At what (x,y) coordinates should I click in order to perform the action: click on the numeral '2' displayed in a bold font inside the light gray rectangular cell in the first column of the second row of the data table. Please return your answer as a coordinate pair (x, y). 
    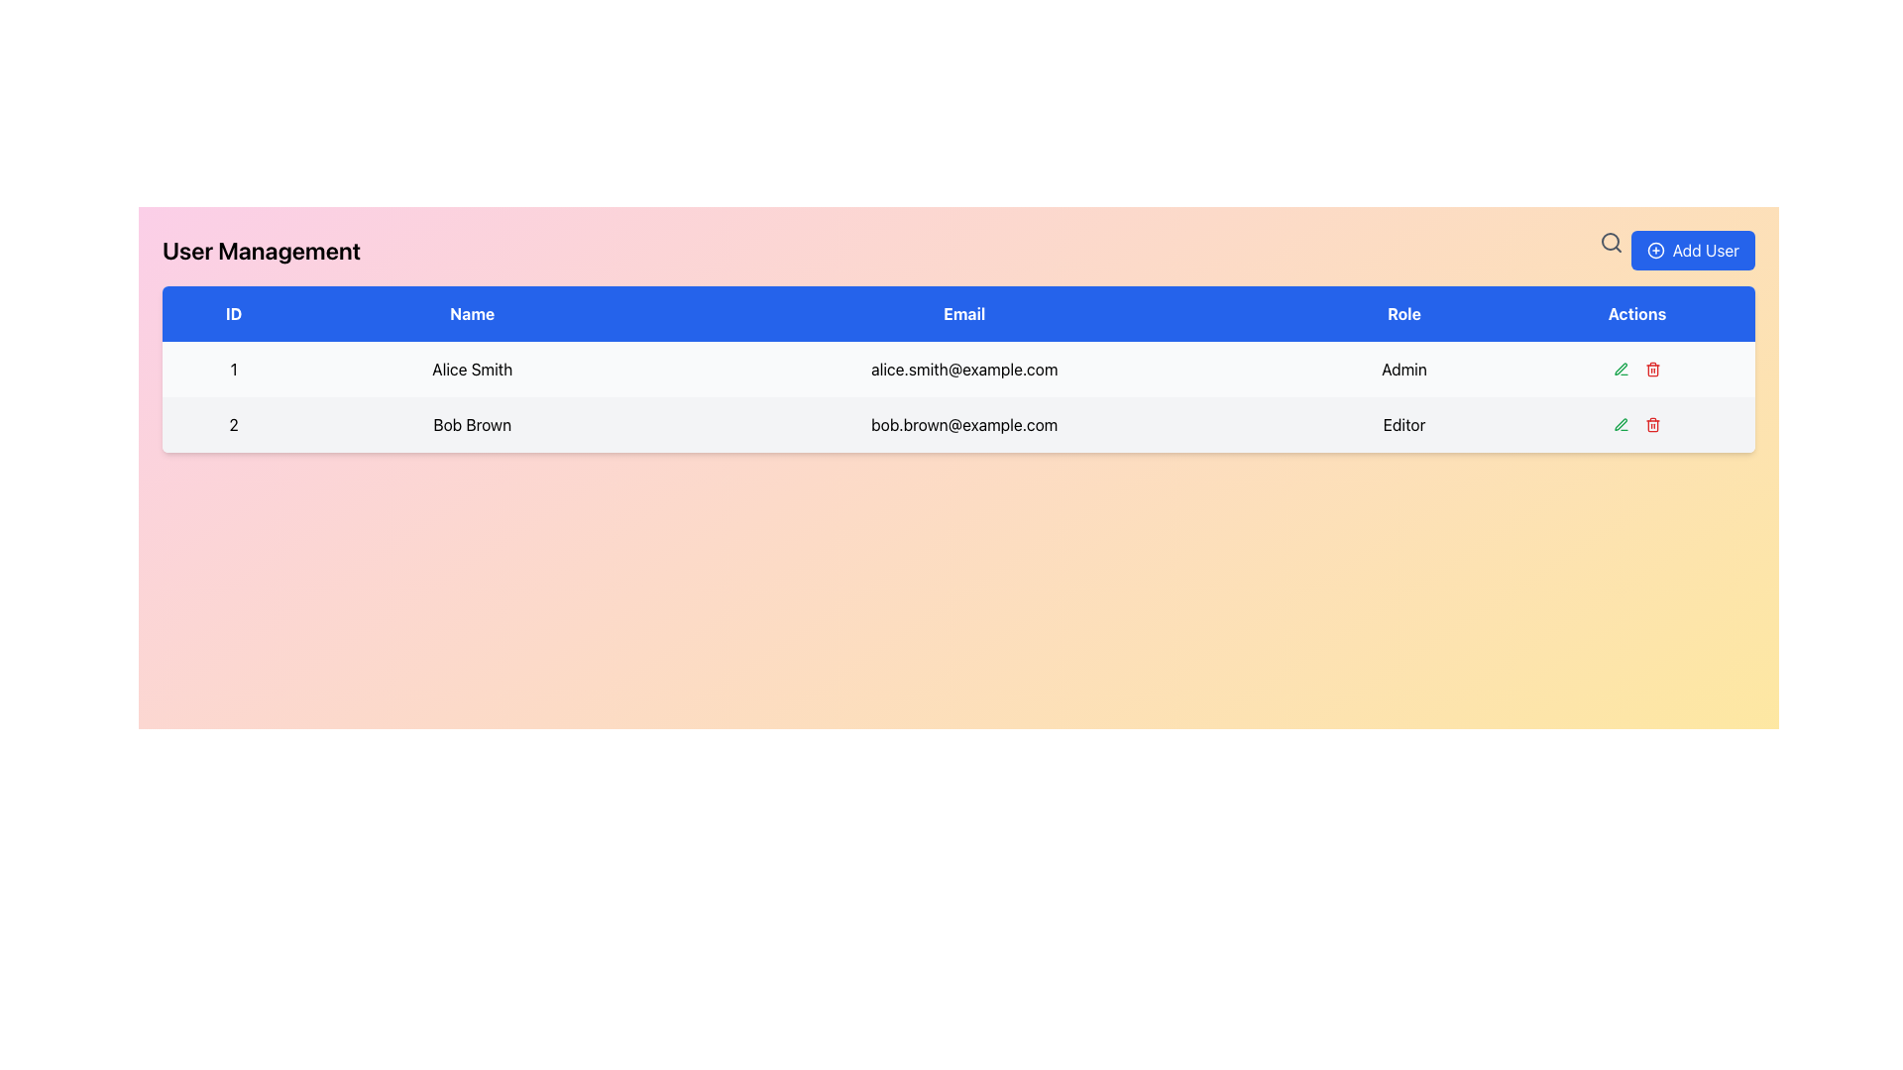
    Looking at the image, I should click on (234, 423).